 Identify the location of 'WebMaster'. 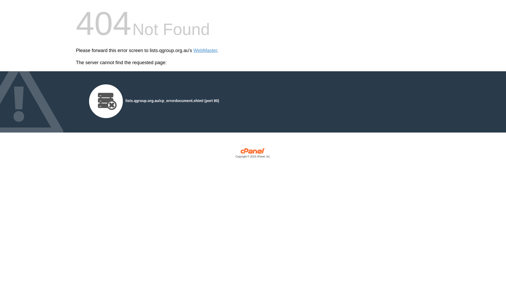
(205, 50).